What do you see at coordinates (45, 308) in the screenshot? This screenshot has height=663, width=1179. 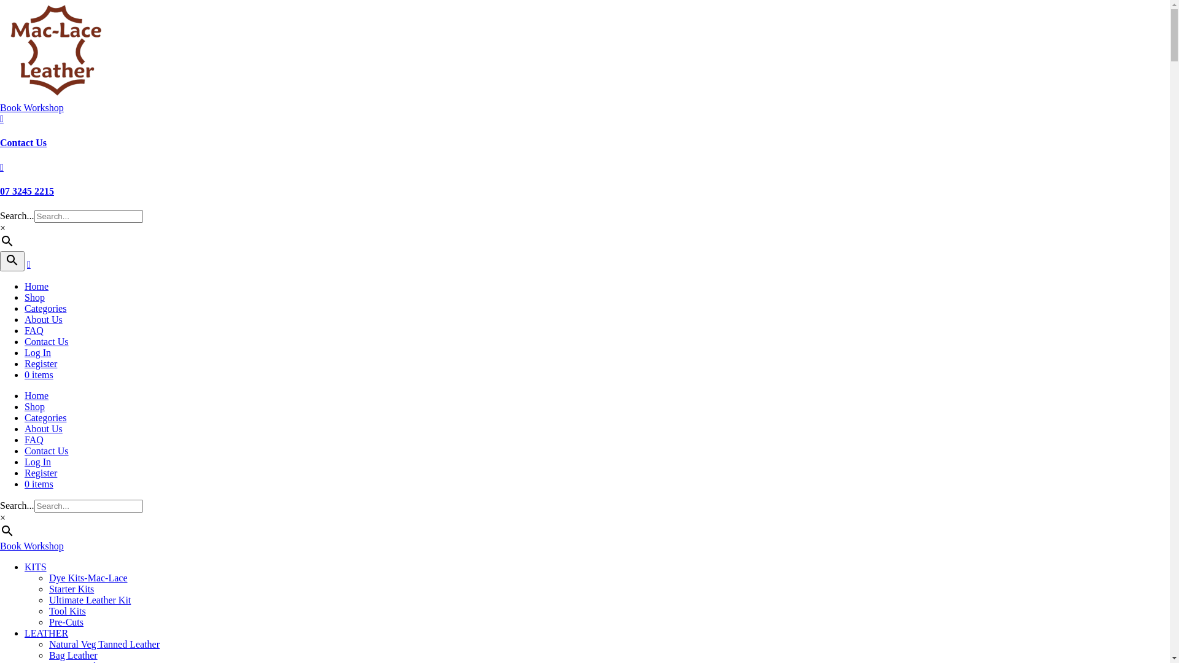 I see `'Categories'` at bounding box center [45, 308].